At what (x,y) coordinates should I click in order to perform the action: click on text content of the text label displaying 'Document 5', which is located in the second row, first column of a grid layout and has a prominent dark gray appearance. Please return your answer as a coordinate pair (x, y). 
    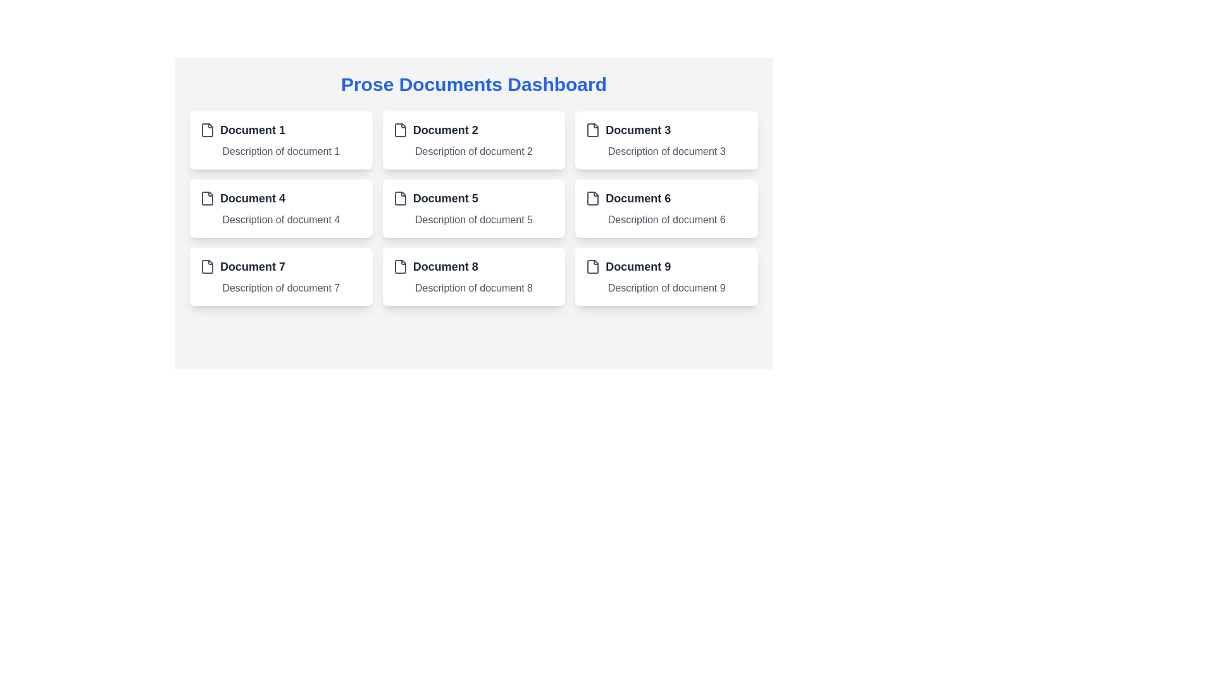
    Looking at the image, I should click on (445, 198).